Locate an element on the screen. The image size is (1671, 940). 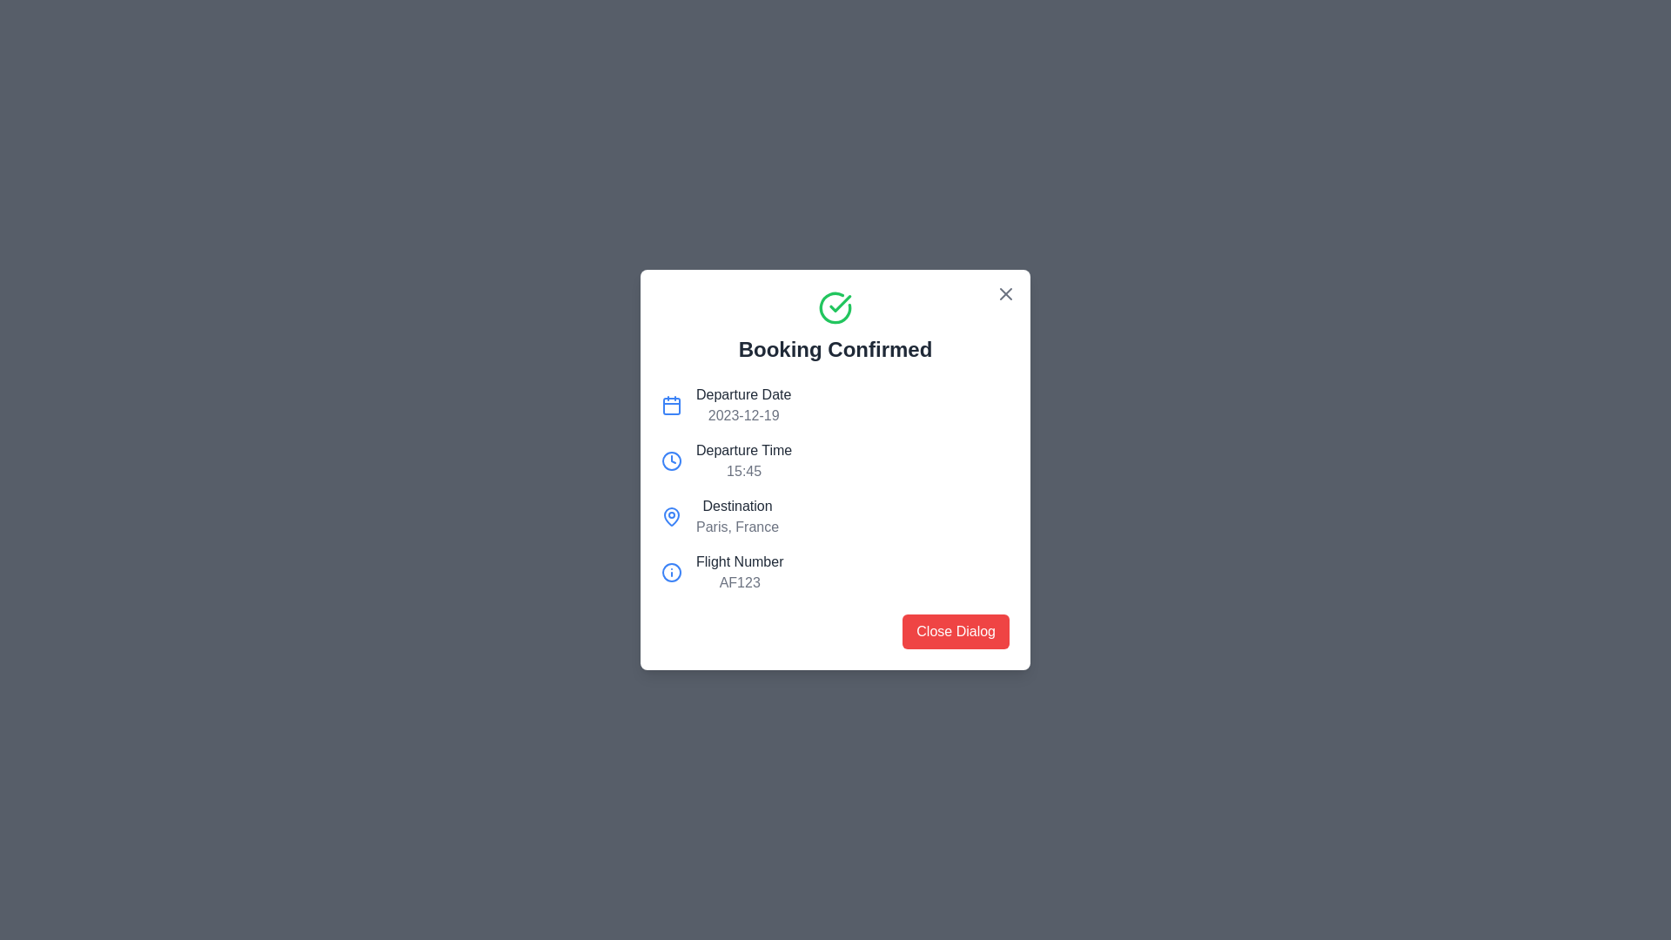
the close button located at the bottom-right area of the dialog box is located at coordinates (955, 631).